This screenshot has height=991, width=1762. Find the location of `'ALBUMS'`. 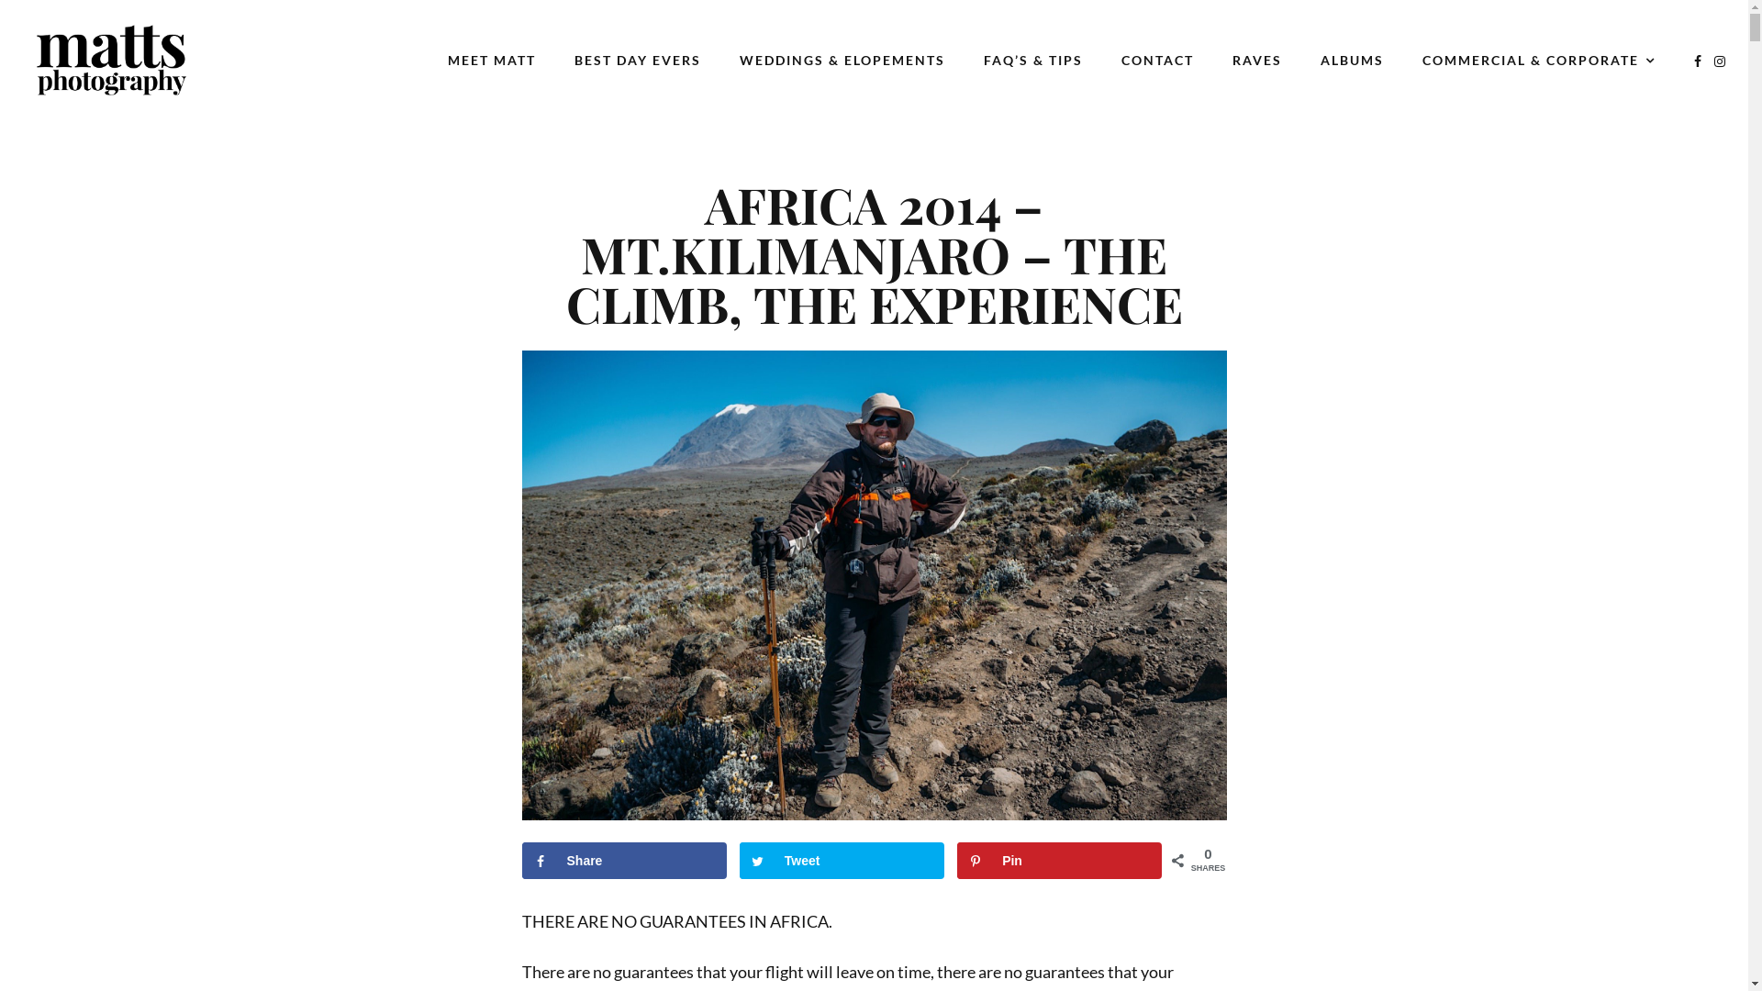

'ALBUMS' is located at coordinates (1352, 59).